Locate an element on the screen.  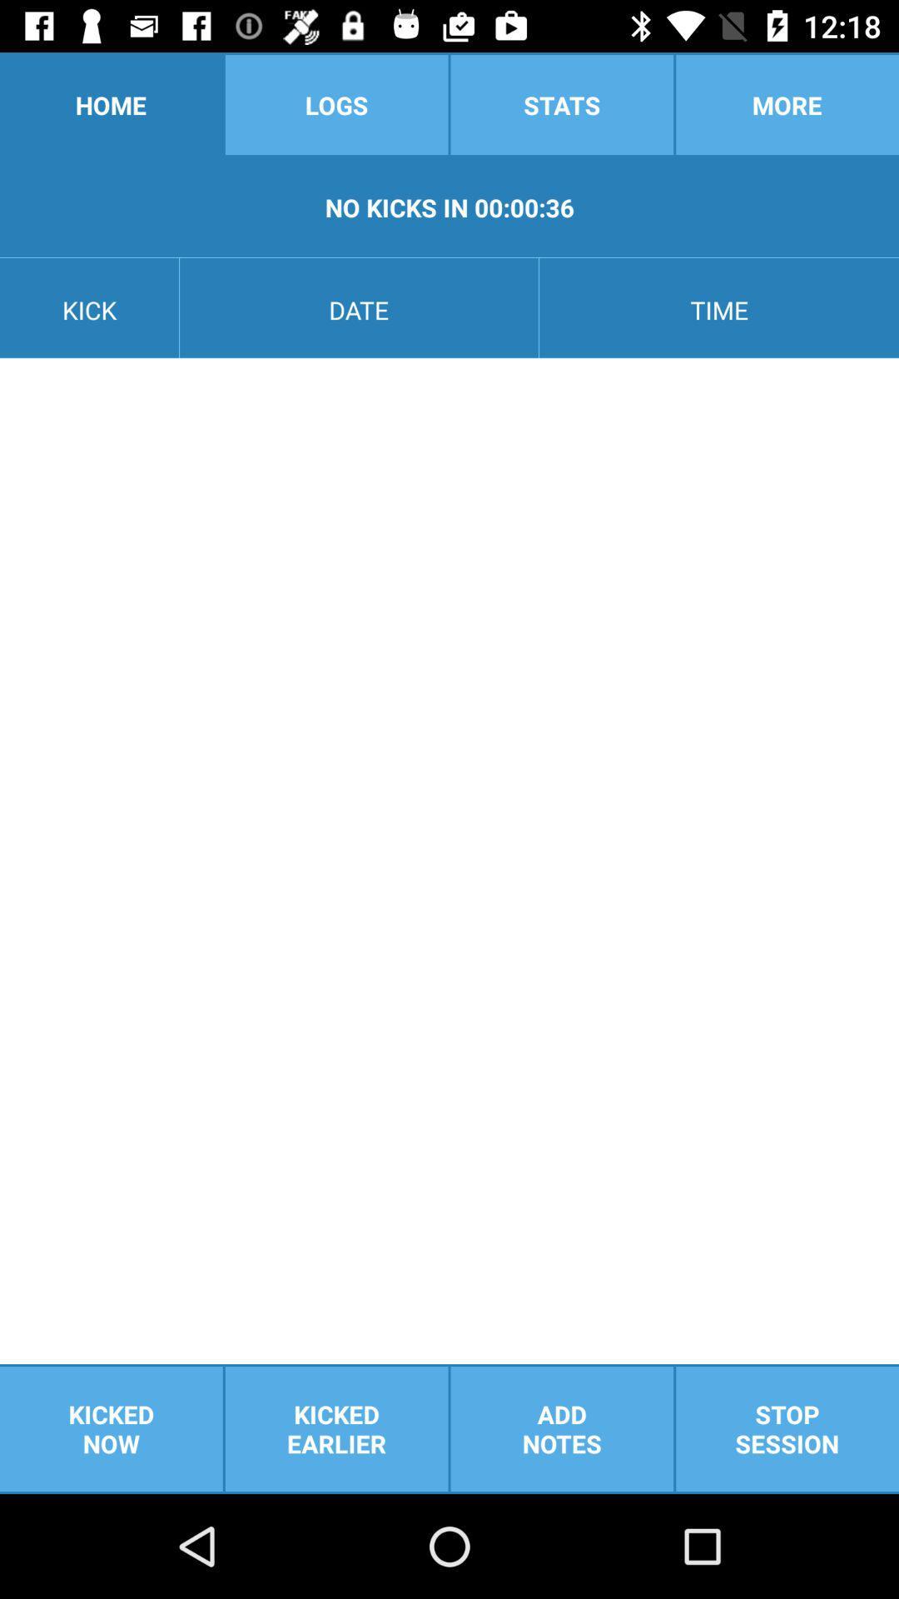
the add is located at coordinates (562, 1428).